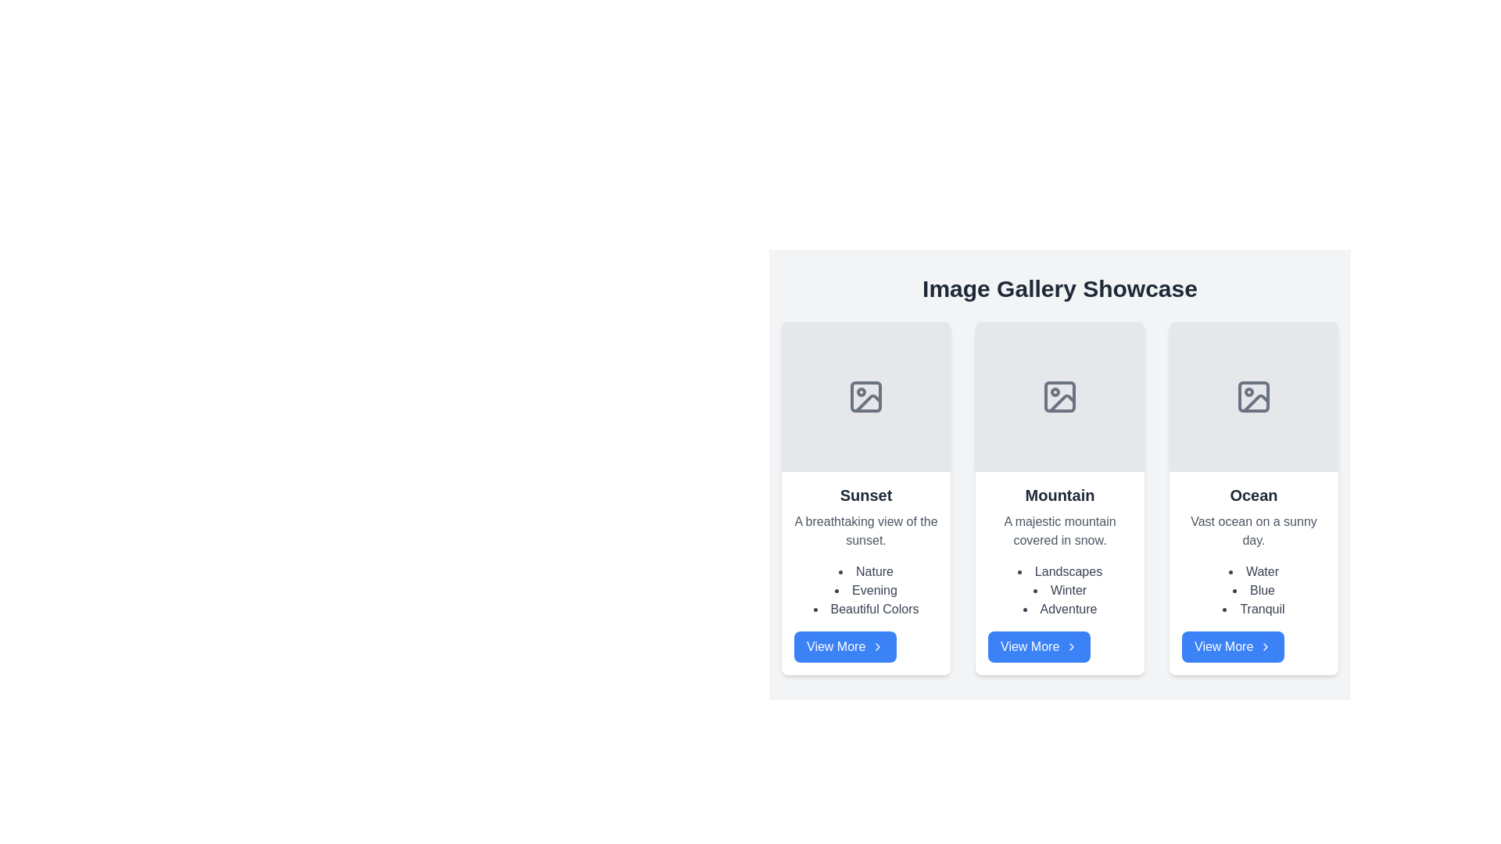 The height and width of the screenshot is (844, 1501). Describe the element at coordinates (1060, 591) in the screenshot. I see `the static text displaying 'Winter', which is the second item under the 'Landscapes' heading in the 'Mountain' card` at that location.